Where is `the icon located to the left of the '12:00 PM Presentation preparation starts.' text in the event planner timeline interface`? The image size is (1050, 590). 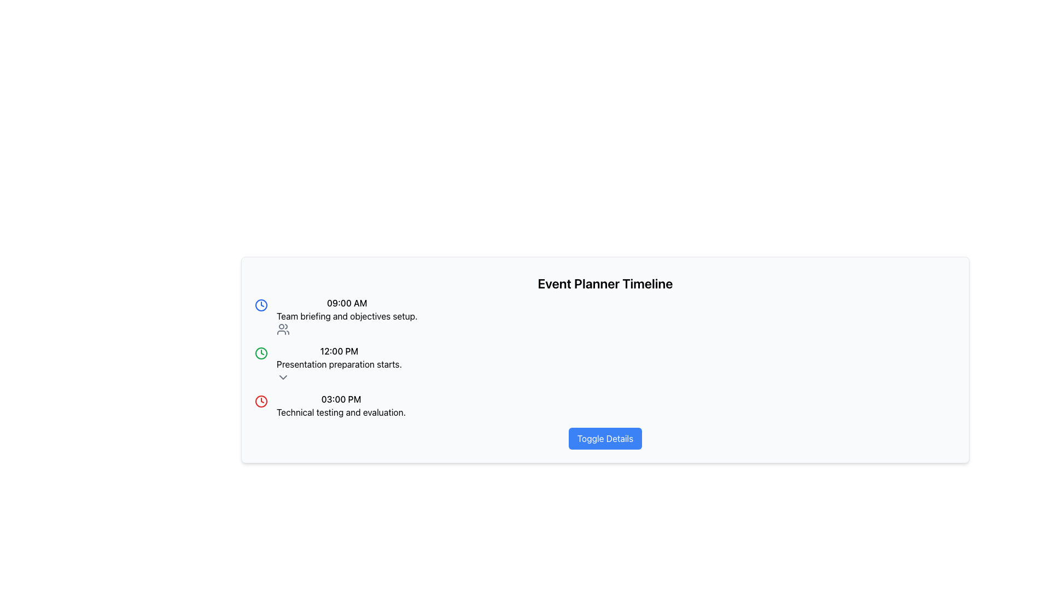 the icon located to the left of the '12:00 PM Presentation preparation starts.' text in the event planner timeline interface is located at coordinates (261, 353).